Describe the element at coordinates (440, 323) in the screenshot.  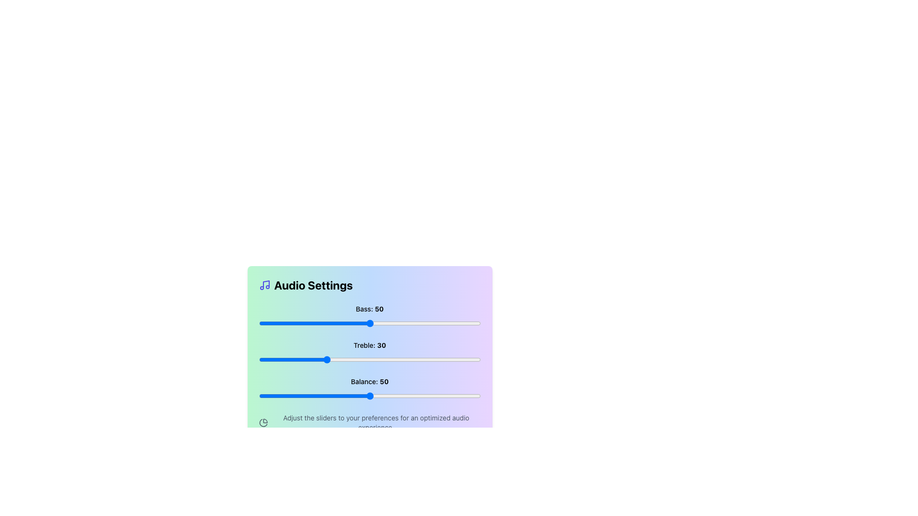
I see `the bass` at that location.